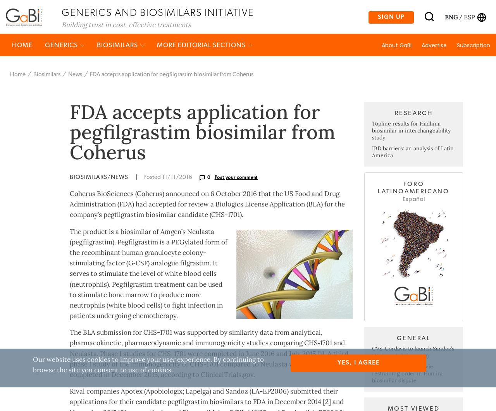  I want to click on 'The BLA submission for CHS-1701 was supported by similarity data from analytical, pharmacokinetic, pharmacodynamic and immunogenicity studies comparing CHS‑1701 and Neulasta. Phase I studies for CHS-1701 were completed in June 2016 and July 2015 [1]. A third phase I study of the immunogenicity of CHS-1701 compared to Neulasta was planned to be completed in December 2015, according to ClinicalTrials.gov.', so click(69, 383).